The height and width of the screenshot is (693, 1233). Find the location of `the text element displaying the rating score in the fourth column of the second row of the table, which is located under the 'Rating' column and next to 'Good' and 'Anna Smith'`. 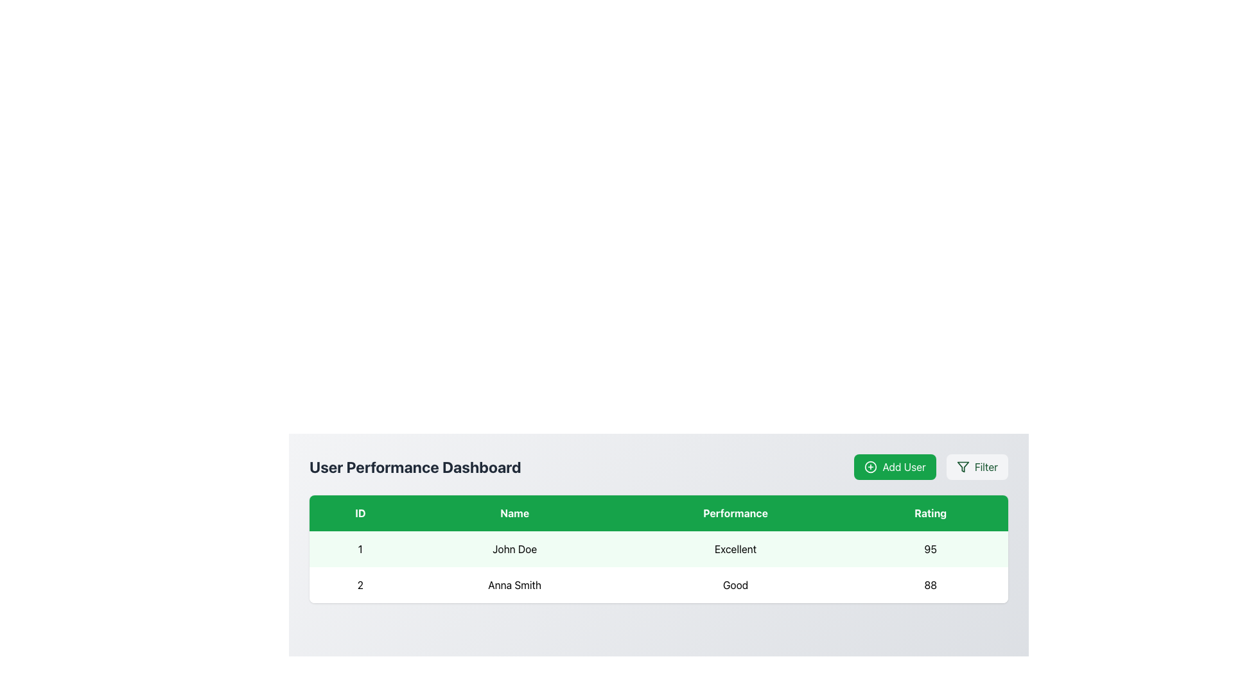

the text element displaying the rating score in the fourth column of the second row of the table, which is located under the 'Rating' column and next to 'Good' and 'Anna Smith' is located at coordinates (931, 585).